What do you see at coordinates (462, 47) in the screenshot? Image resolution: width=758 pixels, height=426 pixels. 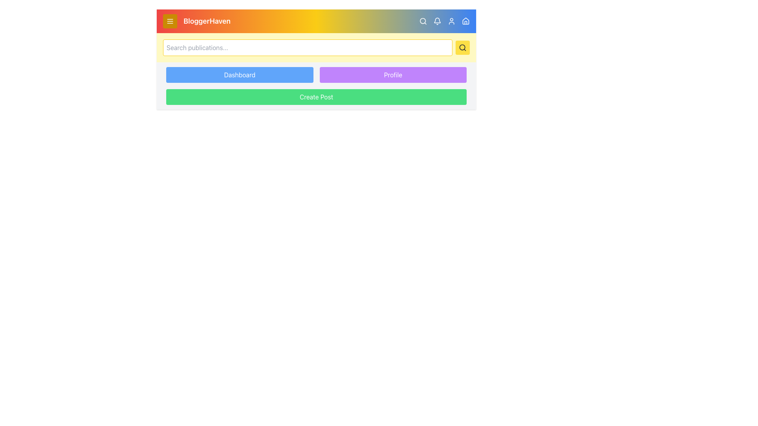 I see `the small rounded yellow button with a black magnifying glass icon to initiate a search` at bounding box center [462, 47].